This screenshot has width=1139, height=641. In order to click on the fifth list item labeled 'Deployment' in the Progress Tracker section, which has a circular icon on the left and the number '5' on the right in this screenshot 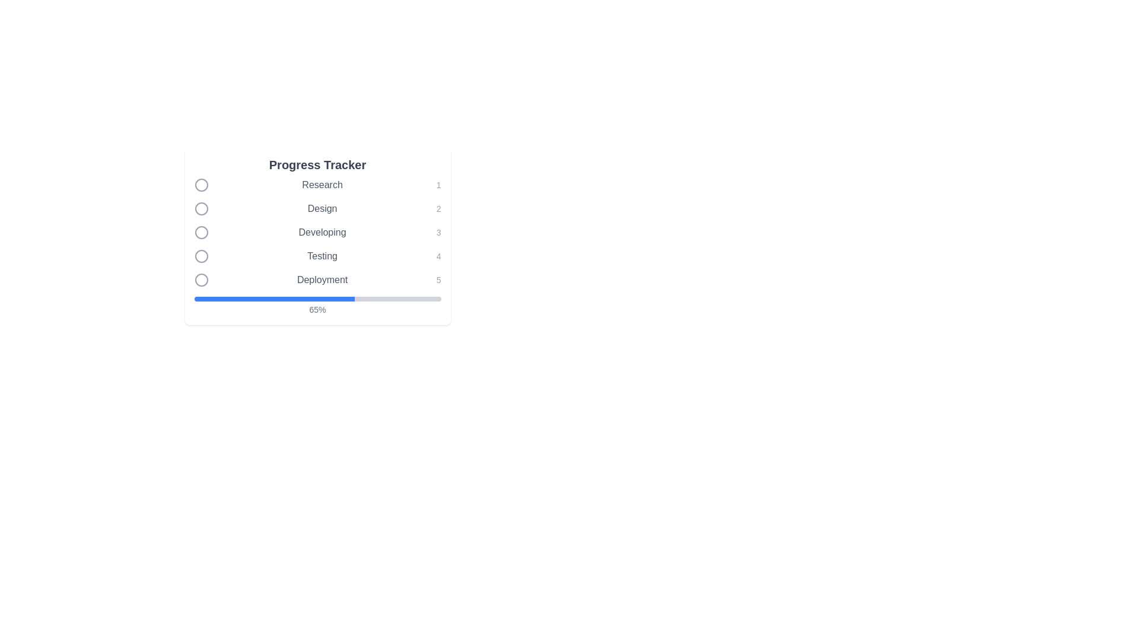, I will do `click(317, 280)`.